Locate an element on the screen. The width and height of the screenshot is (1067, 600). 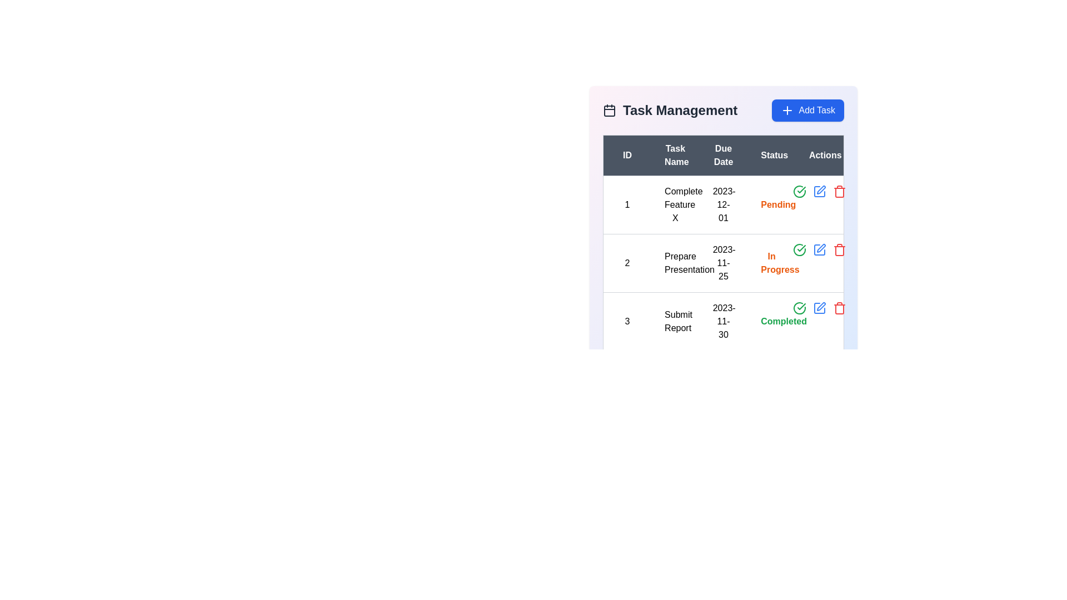
the static text element displaying the due date for the task 'Complete Feature X', located in the 'Due Date' column of the first row is located at coordinates (723, 205).